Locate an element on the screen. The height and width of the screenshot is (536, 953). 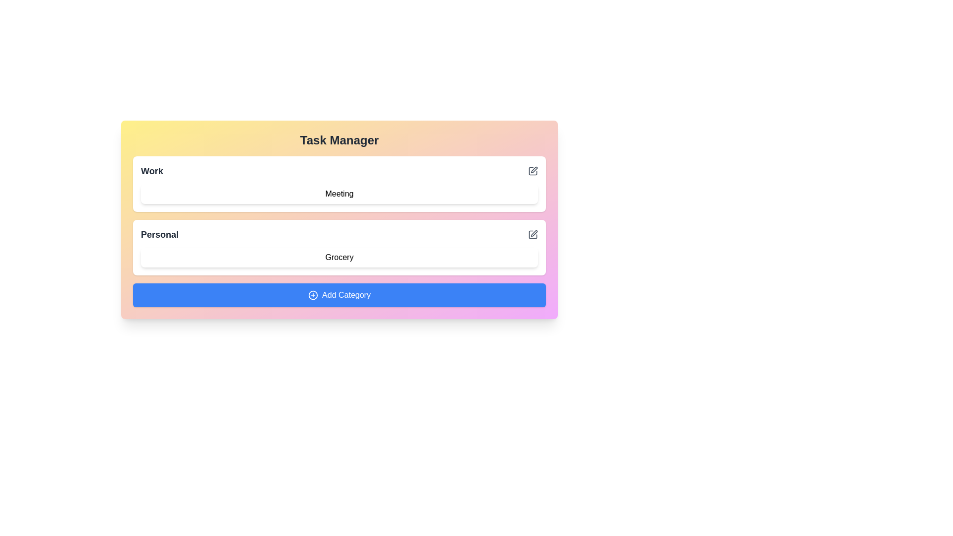
the 'Add Category' button to create a new category is located at coordinates (340, 294).